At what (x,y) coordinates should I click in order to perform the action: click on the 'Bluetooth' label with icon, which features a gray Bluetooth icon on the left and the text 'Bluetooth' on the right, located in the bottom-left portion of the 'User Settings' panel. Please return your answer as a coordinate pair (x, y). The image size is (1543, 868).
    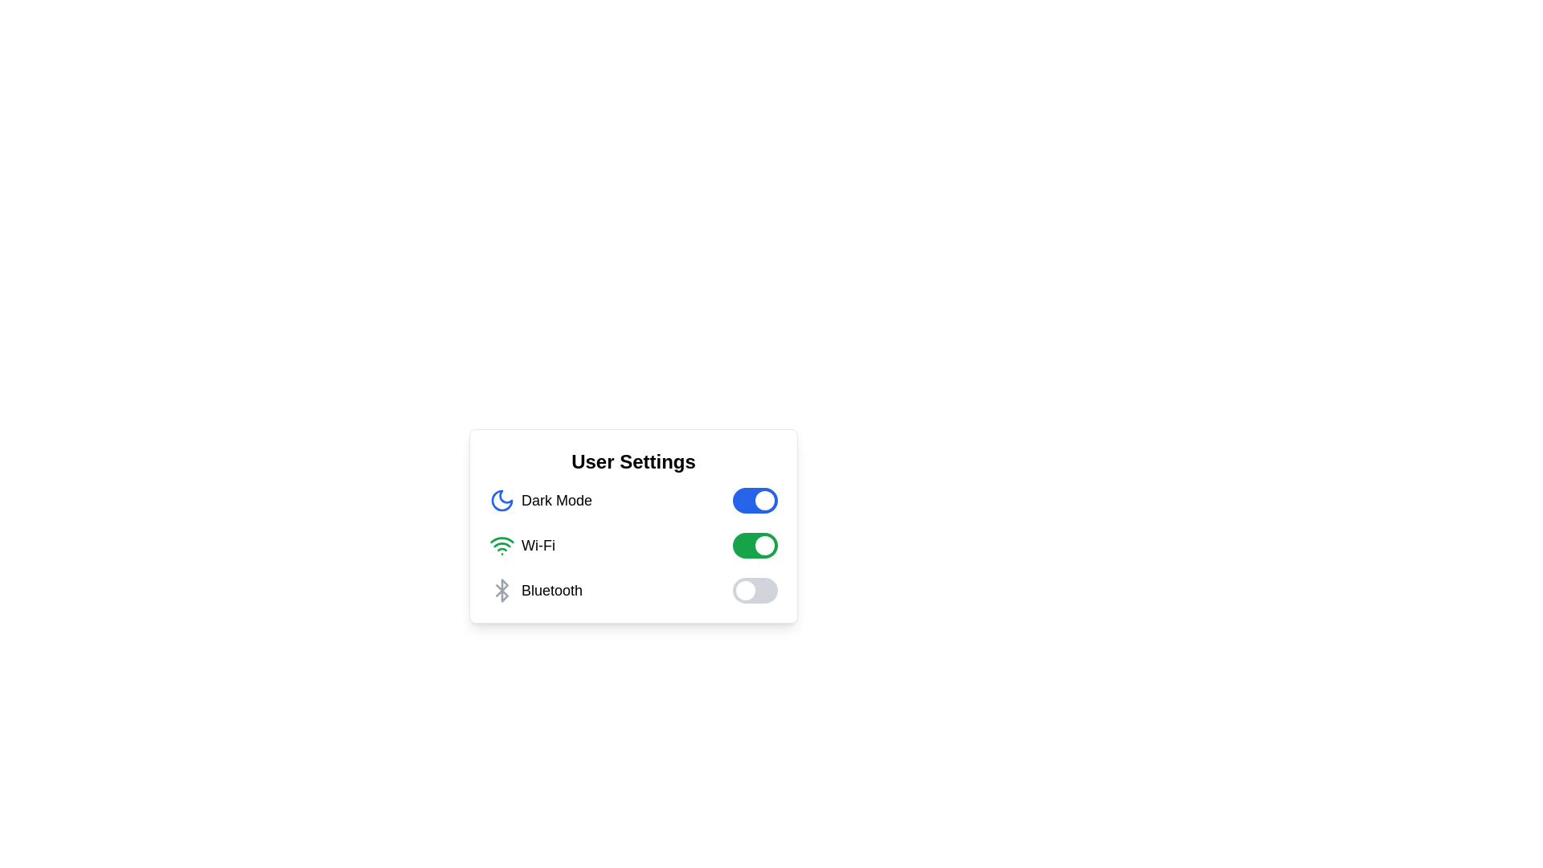
    Looking at the image, I should click on (536, 591).